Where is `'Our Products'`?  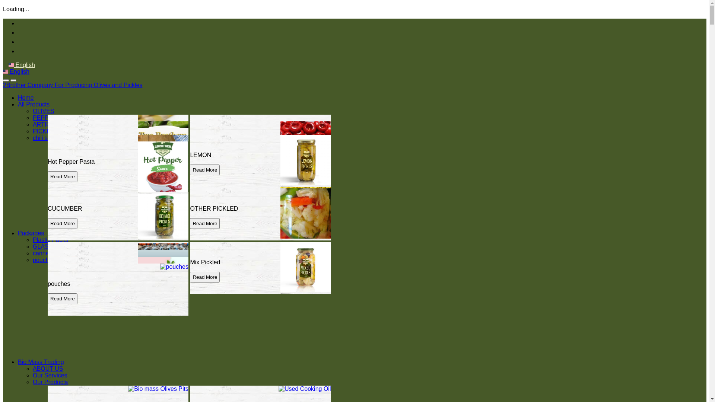 'Our Products' is located at coordinates (50, 382).